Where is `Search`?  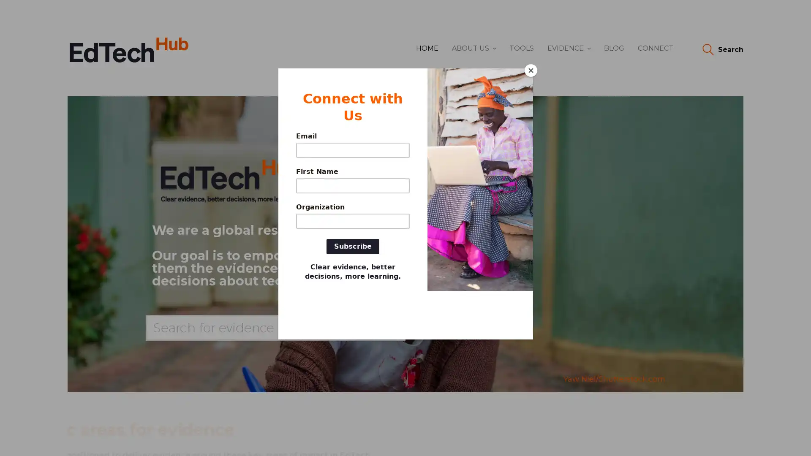 Search is located at coordinates (722, 50).